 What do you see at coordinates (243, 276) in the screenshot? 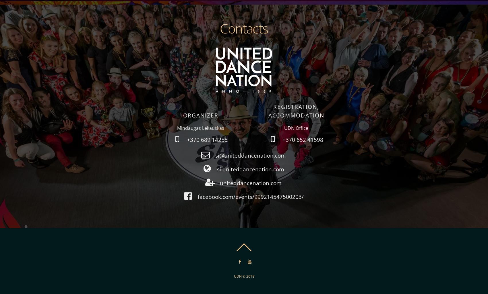
I see `'UDN © 2018'` at bounding box center [243, 276].